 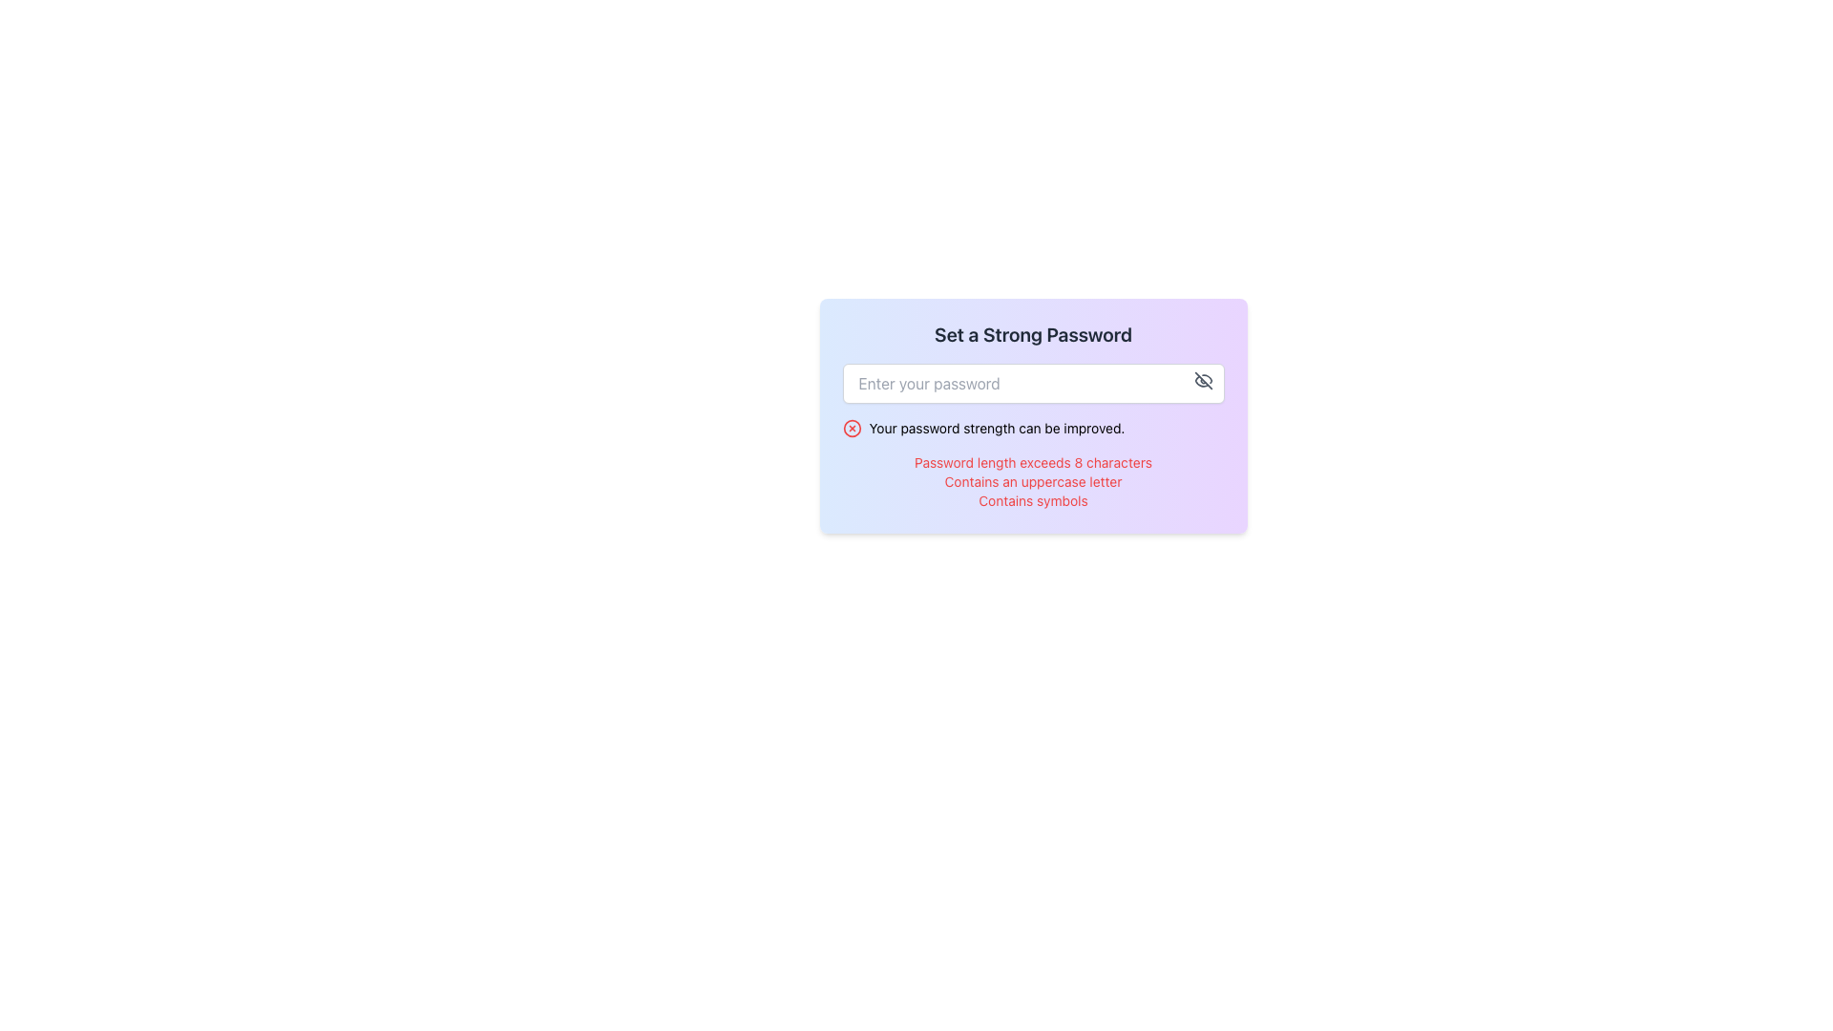 I want to click on the error or warning icon that indicates password strength issues, located to the left of the text 'Your password strength can be improved.', so click(x=851, y=427).